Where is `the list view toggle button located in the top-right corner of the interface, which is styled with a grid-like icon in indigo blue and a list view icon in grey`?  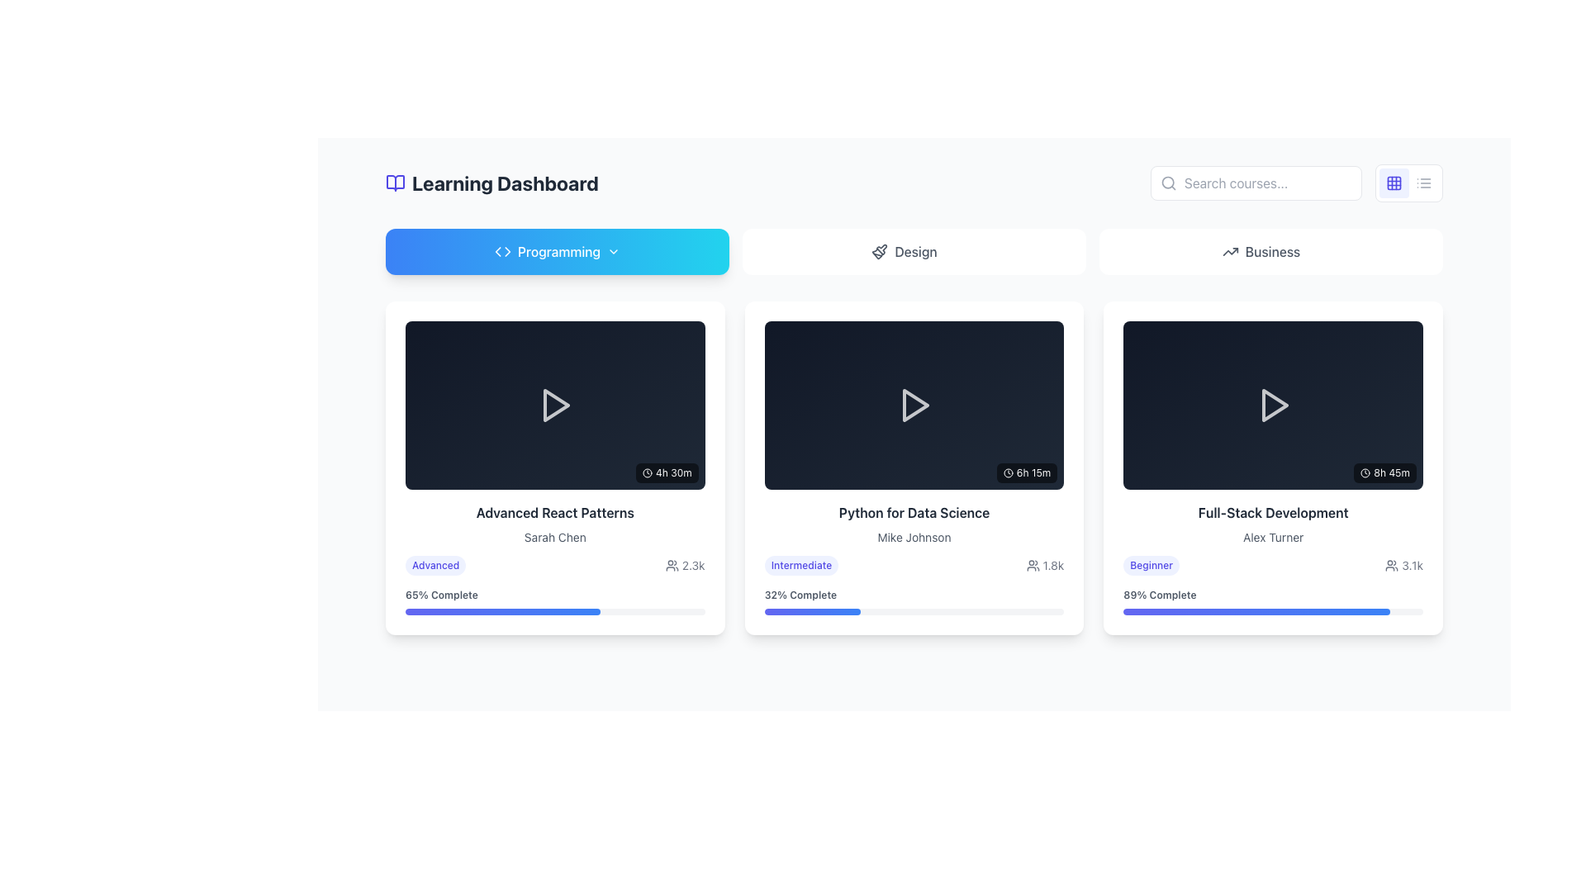
the list view toggle button located in the top-right corner of the interface, which is styled with a grid-like icon in indigo blue and a list view icon in grey is located at coordinates (1408, 183).